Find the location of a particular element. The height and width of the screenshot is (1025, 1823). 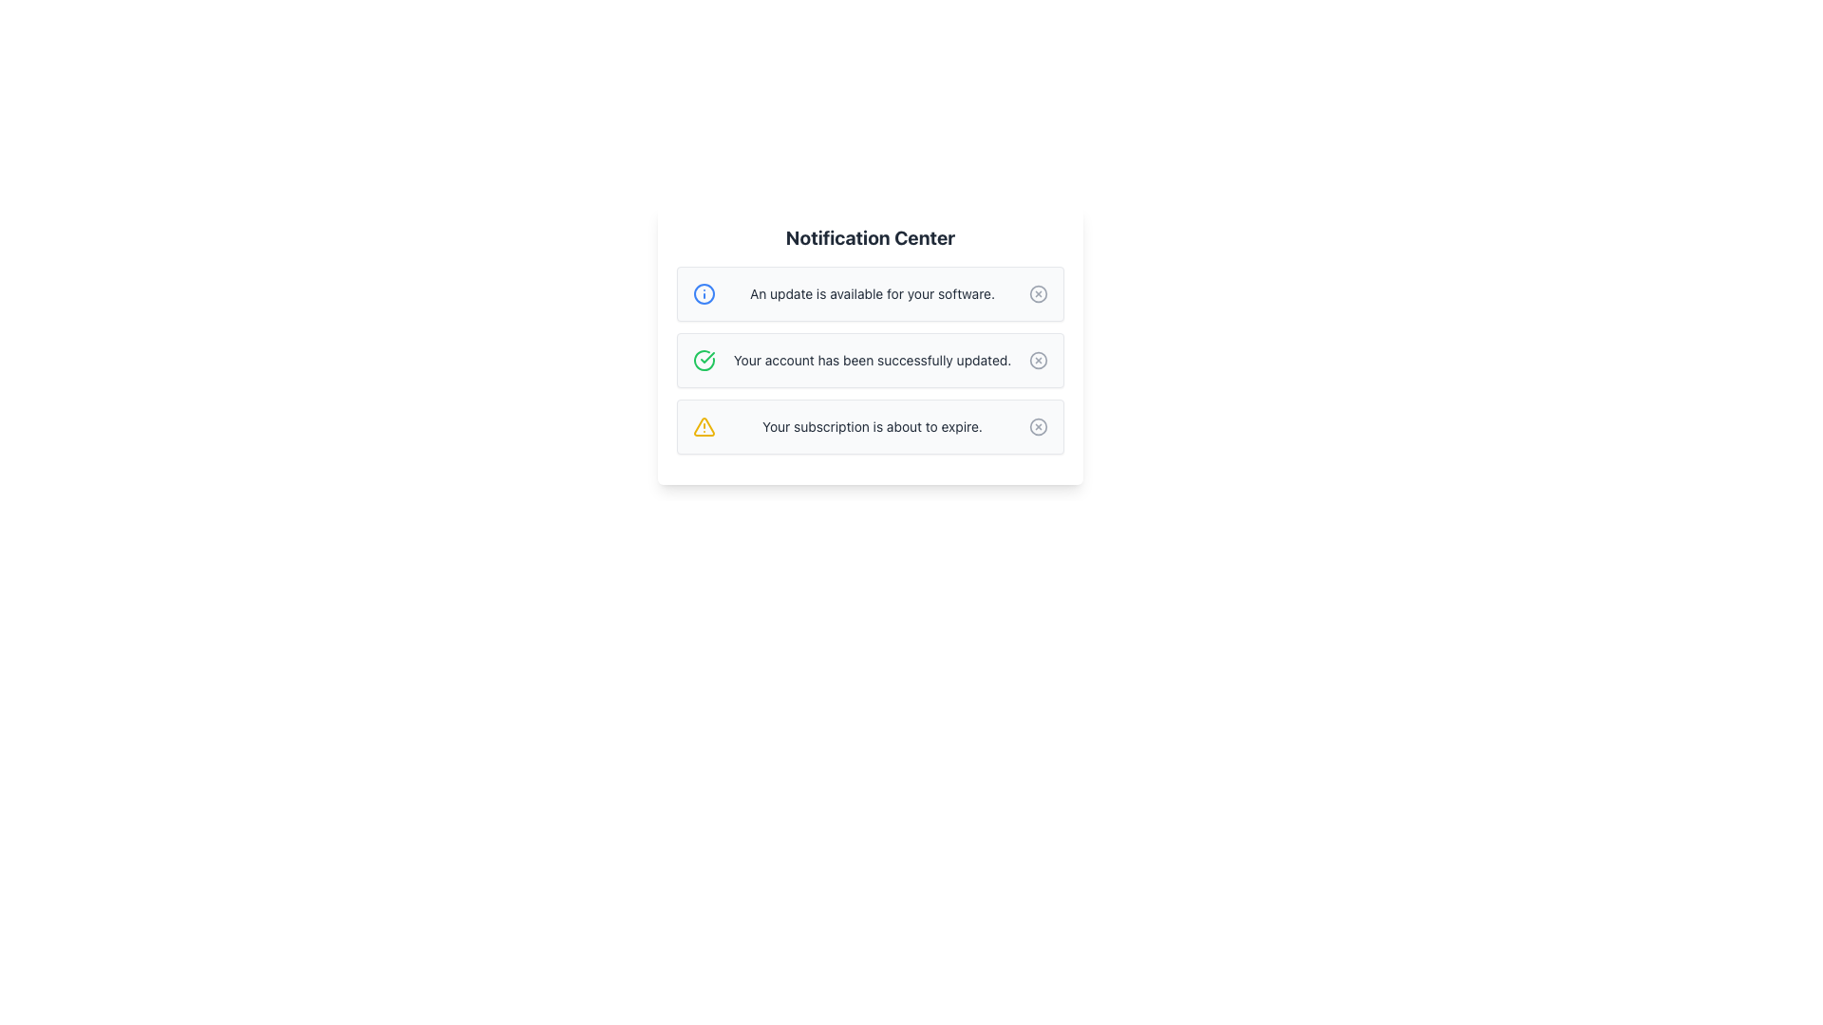

information displayed in the text label that warns 'Your subscription is about to expire.' located in the third notification row of the notification center is located at coordinates (871, 427).